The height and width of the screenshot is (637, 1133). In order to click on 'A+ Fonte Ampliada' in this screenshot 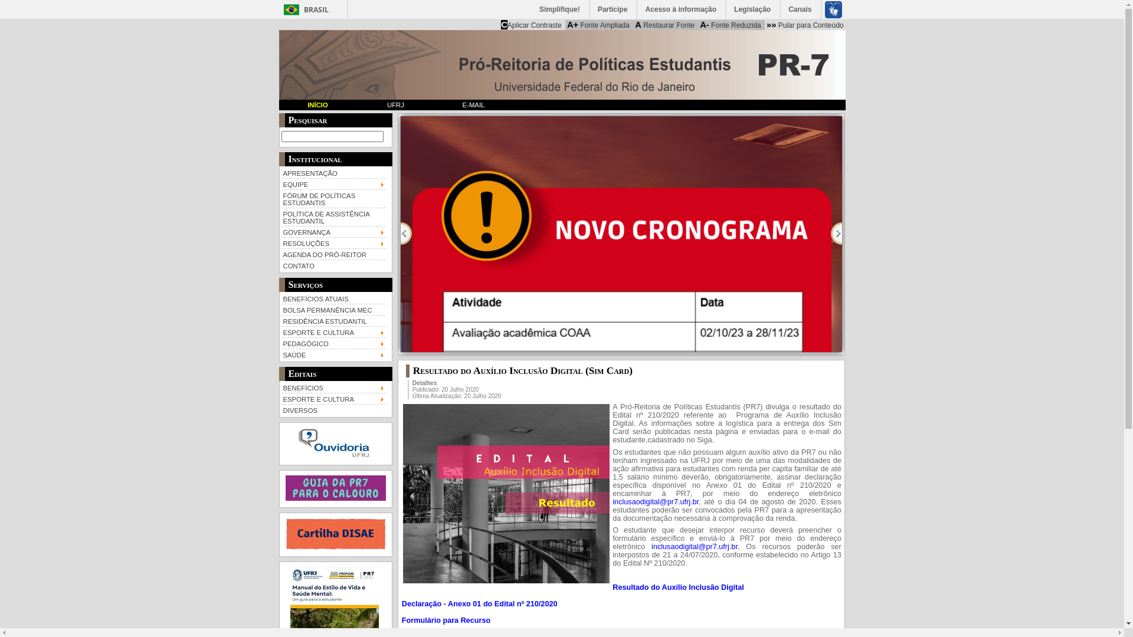, I will do `click(598, 25)`.